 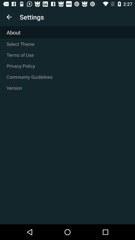 What do you see at coordinates (67, 55) in the screenshot?
I see `terms of use icon` at bounding box center [67, 55].